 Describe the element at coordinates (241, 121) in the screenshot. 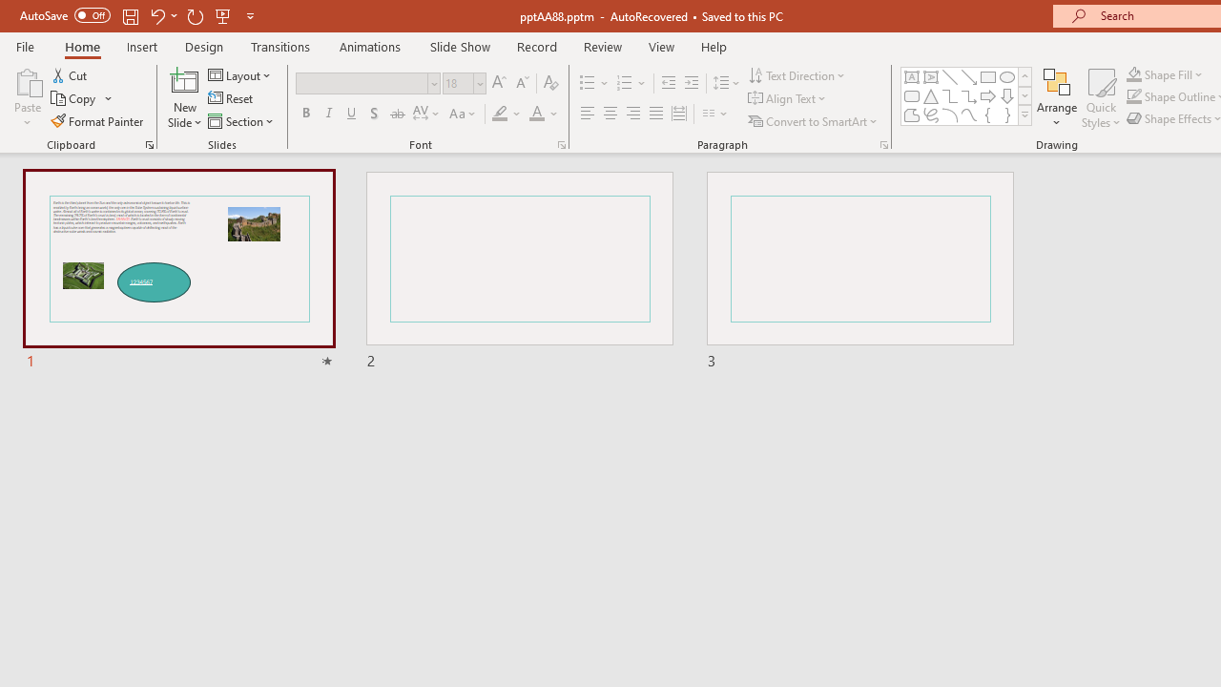

I see `'Section'` at that location.